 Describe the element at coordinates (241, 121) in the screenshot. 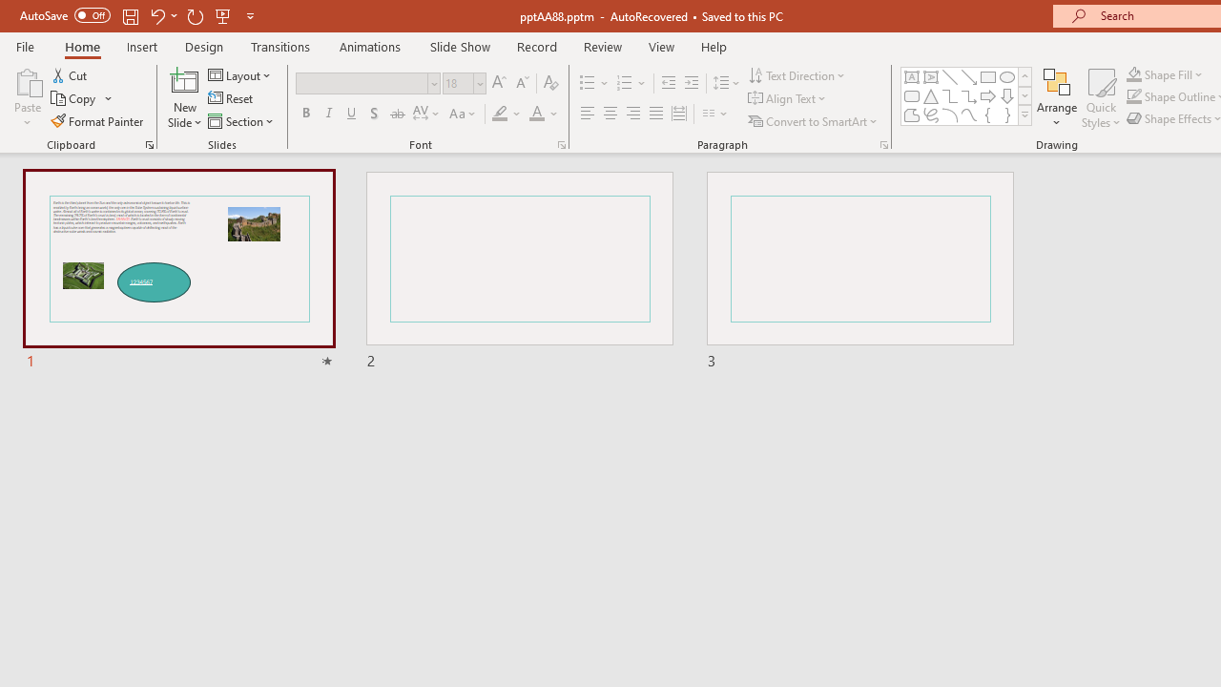

I see `'Section'` at that location.